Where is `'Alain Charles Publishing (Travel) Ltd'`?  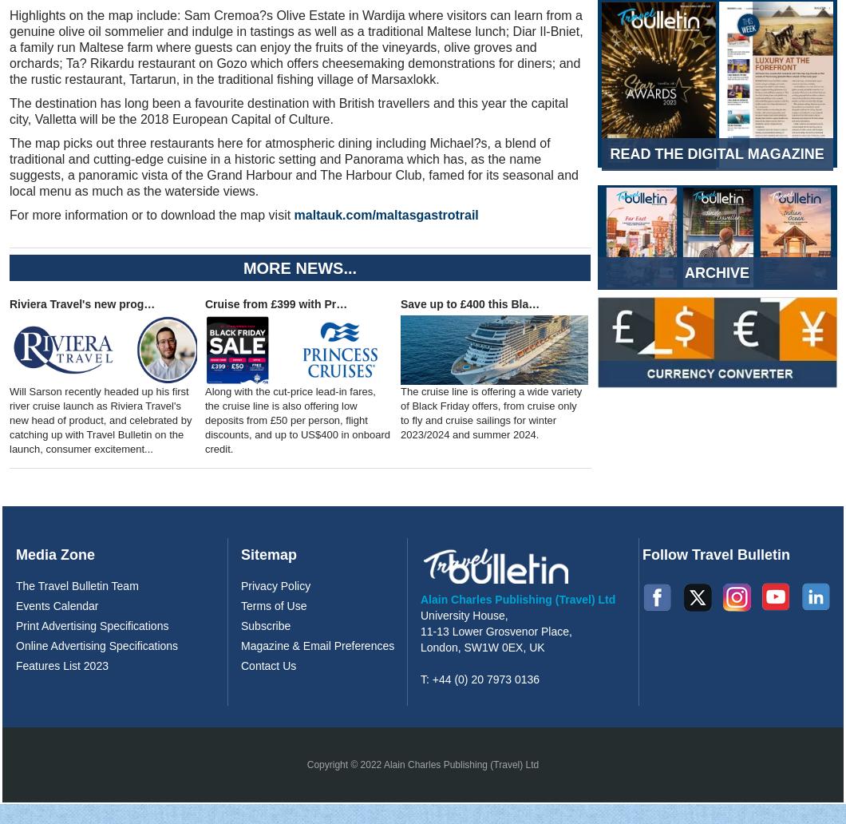
'Alain Charles Publishing (Travel) Ltd' is located at coordinates (518, 597).